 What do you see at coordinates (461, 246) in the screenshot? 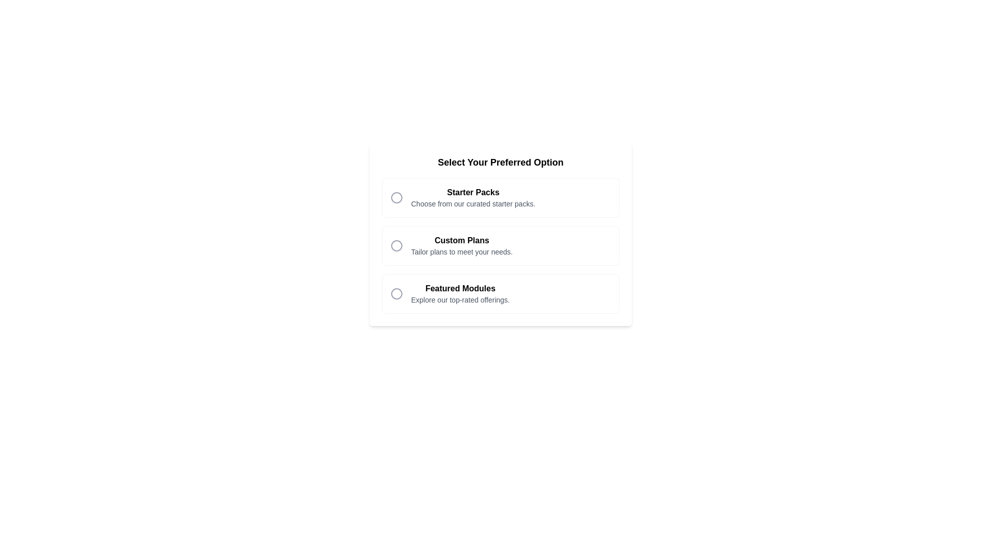
I see `the text display element that shows 'Custom Plans' in bold and 'Tailor plans to meet your needs.' in lighter gray, located centrally within the second option of a vertically stacked list of cards` at bounding box center [461, 246].